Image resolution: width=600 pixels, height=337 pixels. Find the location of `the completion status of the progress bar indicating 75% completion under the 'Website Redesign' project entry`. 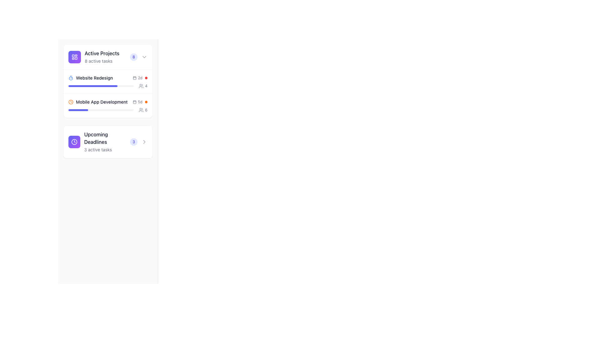

the completion status of the progress bar indicating 75% completion under the 'Website Redesign' project entry is located at coordinates (108, 86).